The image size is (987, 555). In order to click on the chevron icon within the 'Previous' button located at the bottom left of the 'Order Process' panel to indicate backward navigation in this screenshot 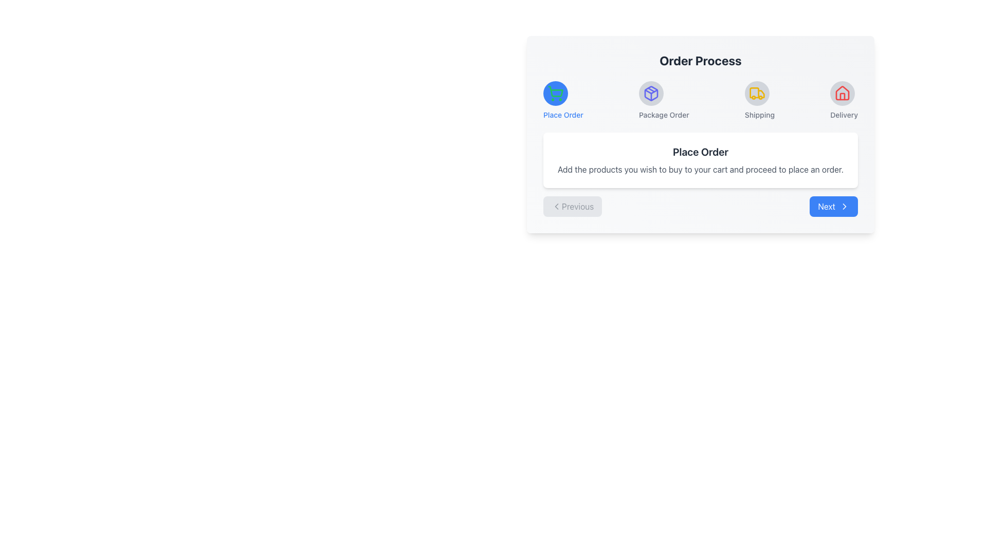, I will do `click(556, 206)`.